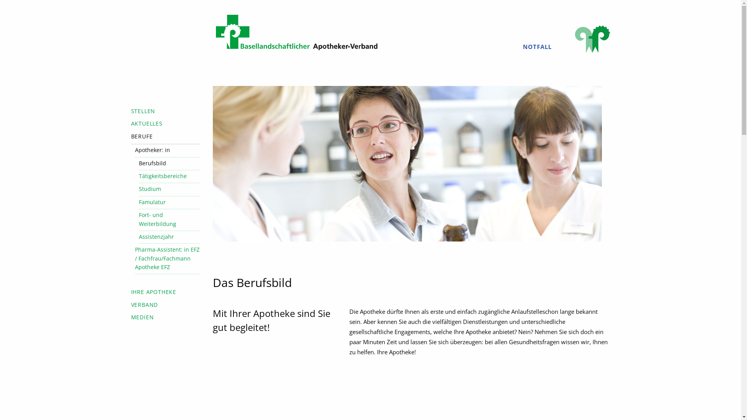 The image size is (747, 420). What do you see at coordinates (169, 203) in the screenshot?
I see `'Famulatur'` at bounding box center [169, 203].